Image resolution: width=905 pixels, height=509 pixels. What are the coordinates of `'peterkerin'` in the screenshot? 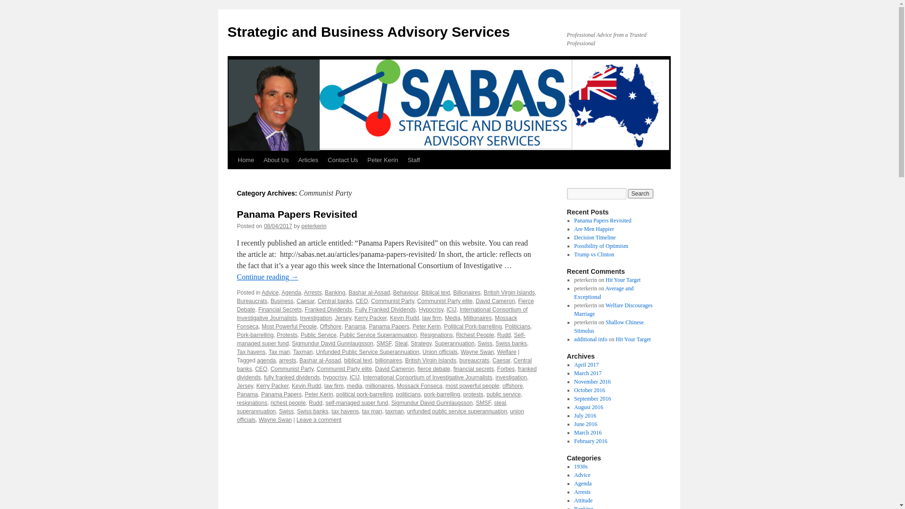 It's located at (313, 226).